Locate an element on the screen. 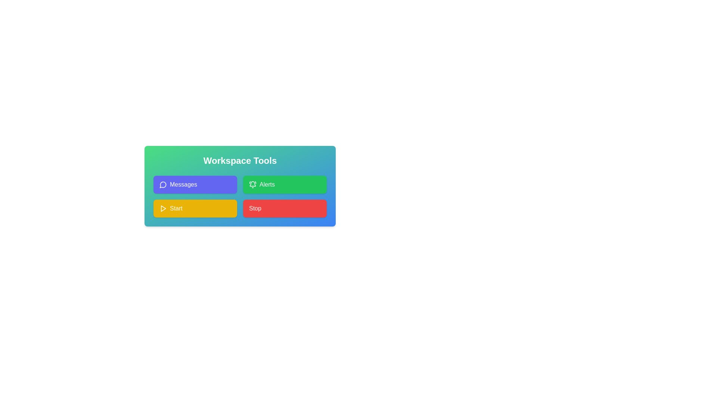 The width and height of the screenshot is (717, 403). the small triangular play icon within the bright yellow 'Start' button is located at coordinates (162, 209).